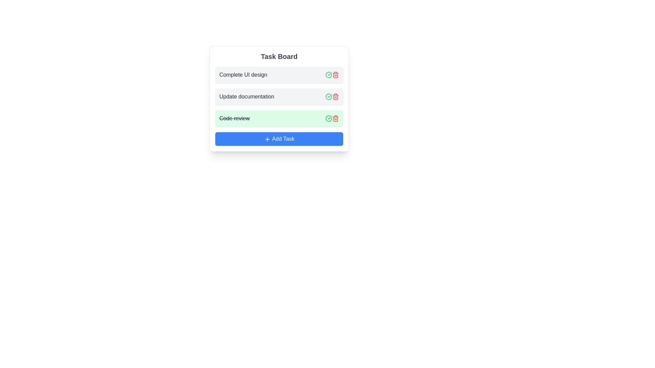 This screenshot has height=368, width=655. I want to click on the central vertical component of the trash can icon, so click(335, 118).